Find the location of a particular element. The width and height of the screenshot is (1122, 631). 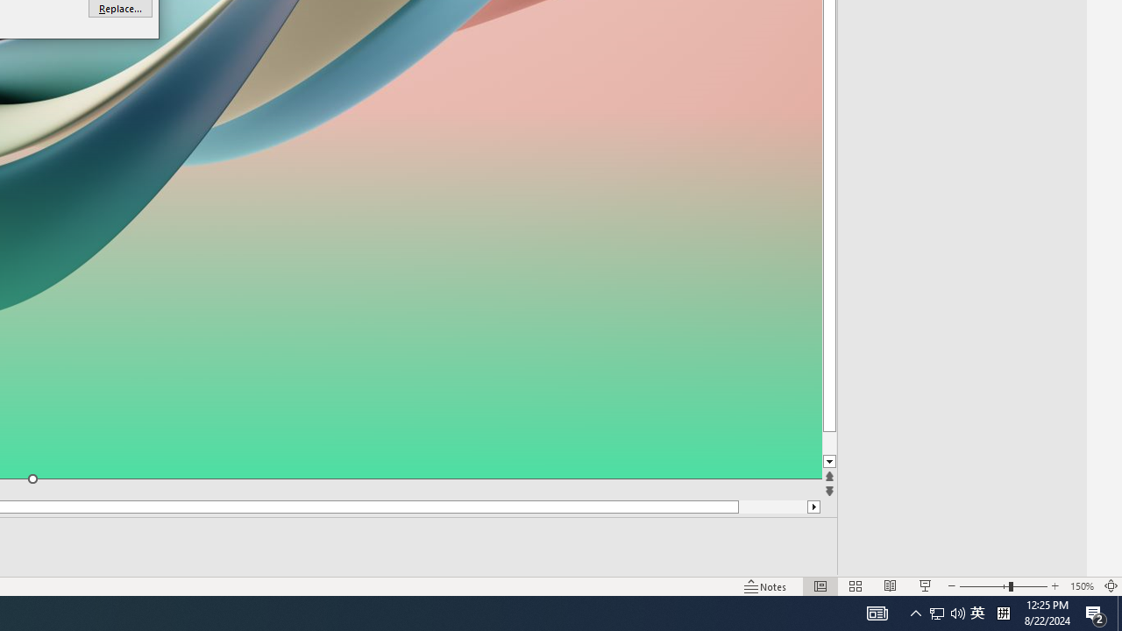

'Zoom 150%' is located at coordinates (1081, 586).